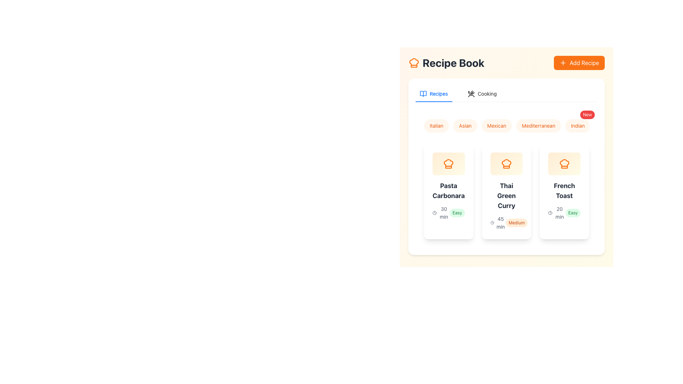 The height and width of the screenshot is (384, 683). I want to click on the 'Recipes' tab located in the tab navigation bar beneath the 'Recipe Book' heading, so click(433, 93).